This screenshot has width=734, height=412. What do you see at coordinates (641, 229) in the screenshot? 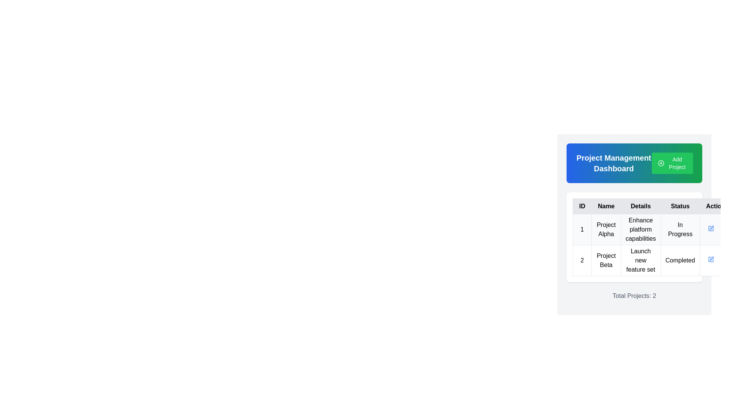
I see `the Text label in the third column of the first row of the table that describes the project 'Project Alpha'` at bounding box center [641, 229].